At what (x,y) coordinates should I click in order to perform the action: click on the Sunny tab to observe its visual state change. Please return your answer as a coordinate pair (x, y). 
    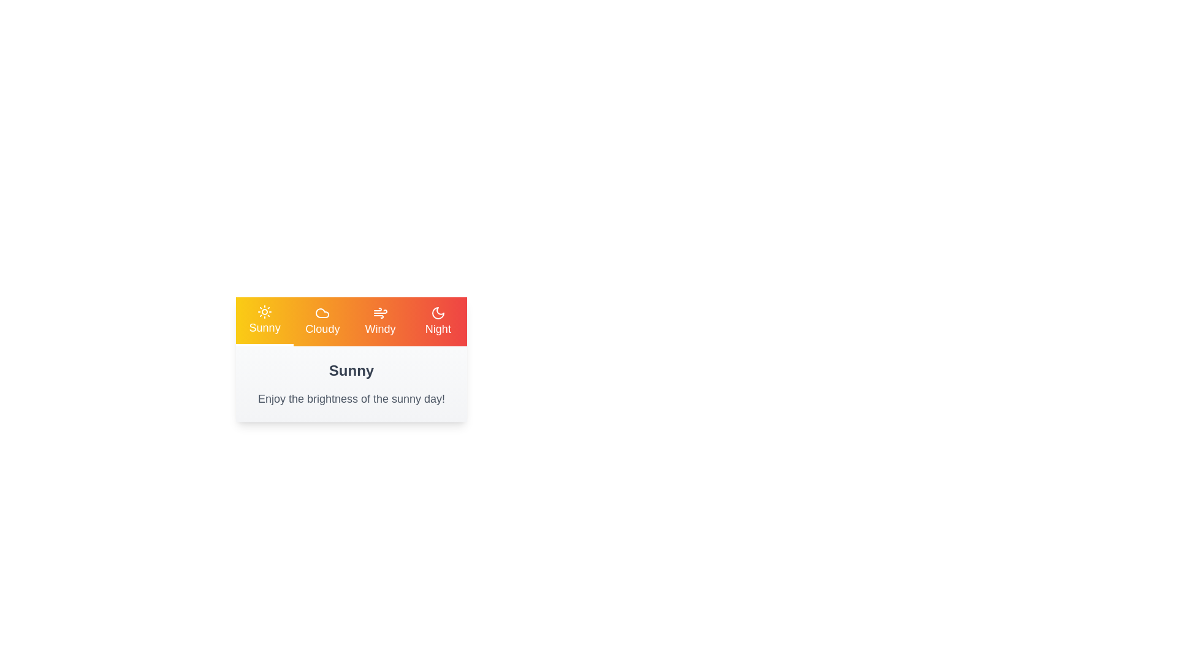
    Looking at the image, I should click on (264, 321).